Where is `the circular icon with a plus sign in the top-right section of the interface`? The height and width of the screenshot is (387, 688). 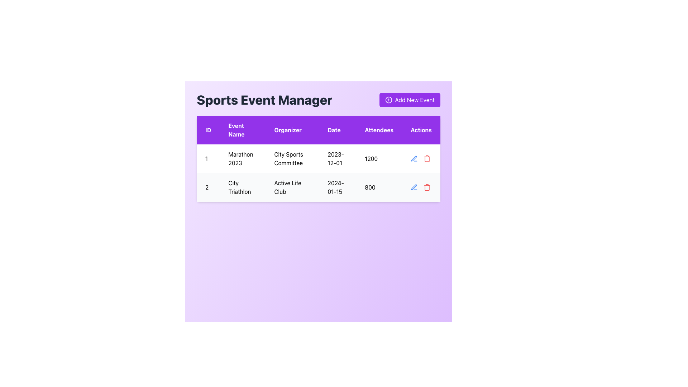
the circular icon with a plus sign in the top-right section of the interface is located at coordinates (388, 100).